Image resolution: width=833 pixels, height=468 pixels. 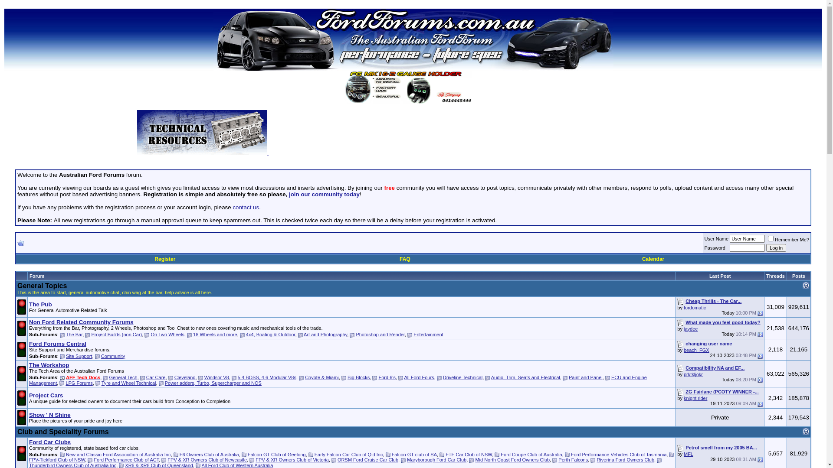 I want to click on 'join our community today', so click(x=324, y=194).